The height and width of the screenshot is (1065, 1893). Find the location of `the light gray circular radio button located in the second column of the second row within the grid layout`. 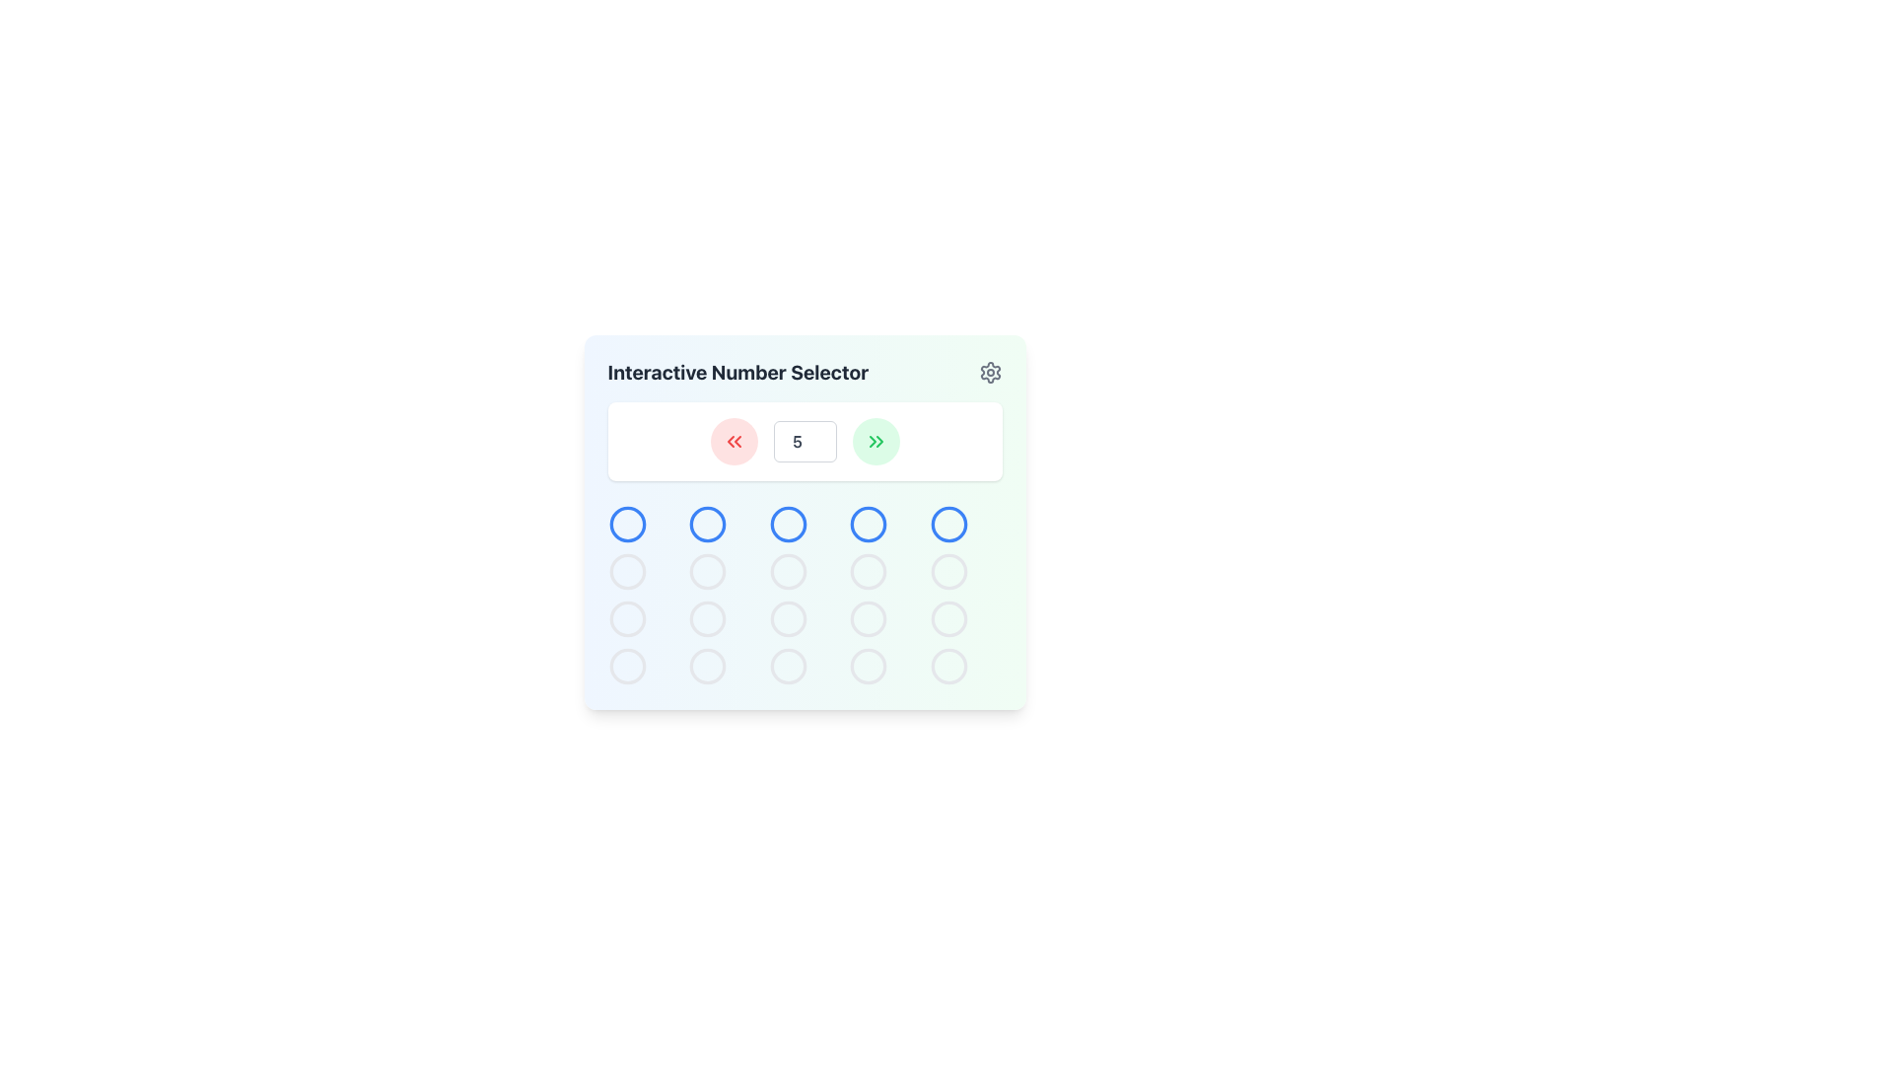

the light gray circular radio button located in the second column of the second row within the grid layout is located at coordinates (626, 618).